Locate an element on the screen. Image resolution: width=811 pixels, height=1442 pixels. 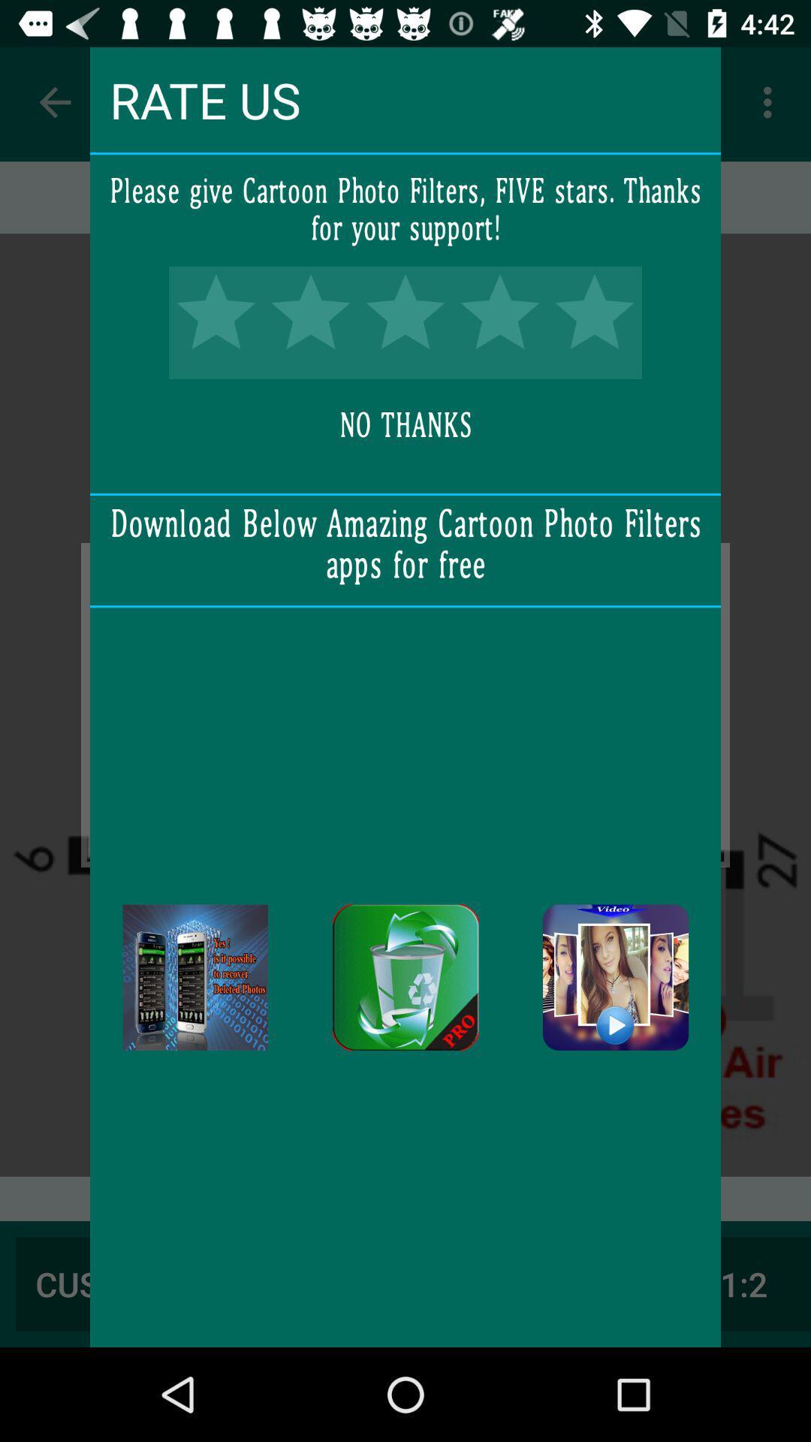
click and open link is located at coordinates (616, 977).